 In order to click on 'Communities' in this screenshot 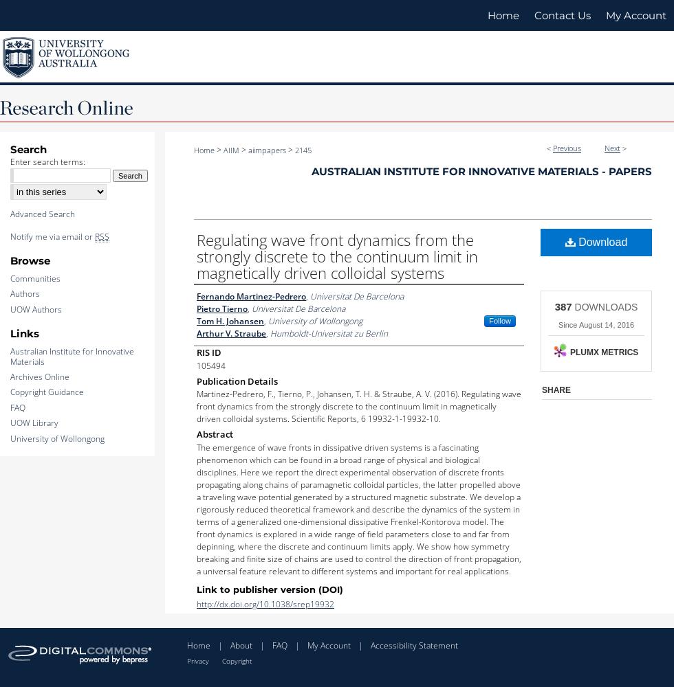, I will do `click(35, 278)`.